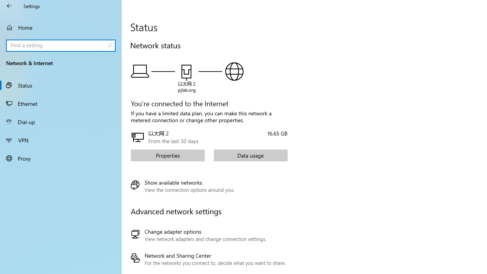  What do you see at coordinates (61, 121) in the screenshot?
I see `'Dial-up'` at bounding box center [61, 121].